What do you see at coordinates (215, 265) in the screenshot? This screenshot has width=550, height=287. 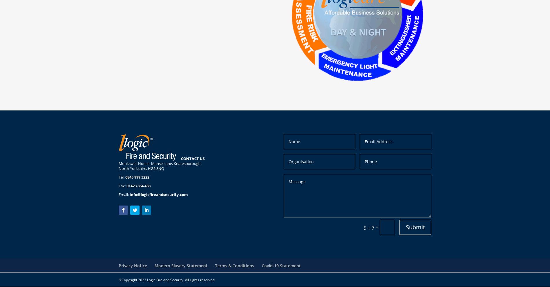 I see `'Terms & Conditions'` at bounding box center [215, 265].